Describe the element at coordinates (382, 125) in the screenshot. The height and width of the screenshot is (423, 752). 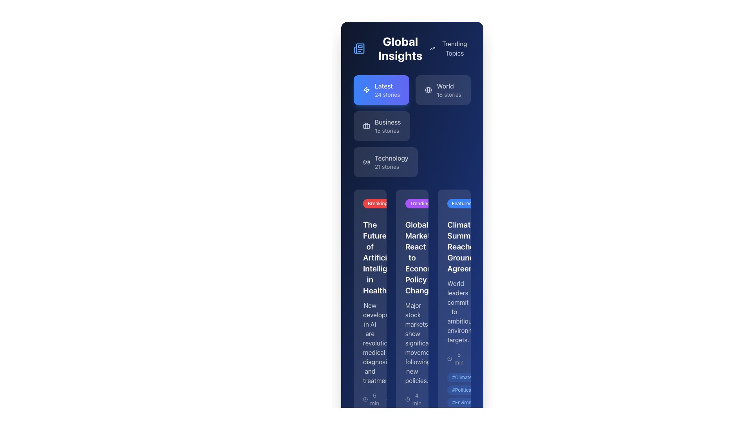
I see `the 'Business' button, which has a label in medium font weight stating 'Business' and an additional line '15 stories' below it, located in the third position of a vertical list in a sidebar interface` at that location.